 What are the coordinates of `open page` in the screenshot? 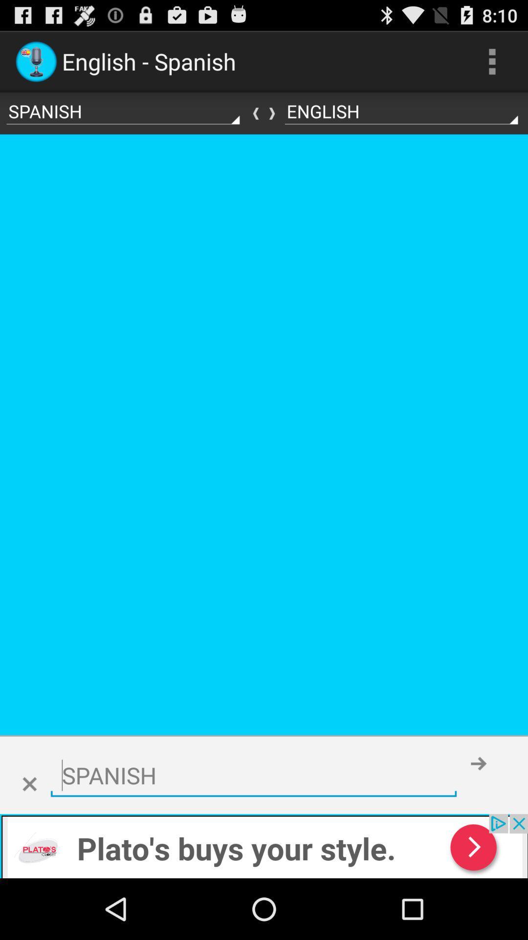 It's located at (264, 846).